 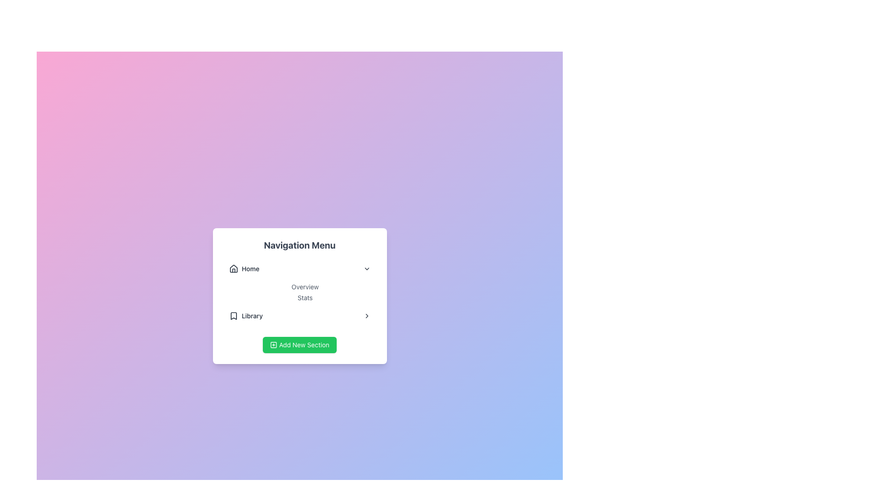 What do you see at coordinates (273, 345) in the screenshot?
I see `the small, box-shaped icon that is part of the squared plus icon within the green button labeled 'Add New Section'` at bounding box center [273, 345].